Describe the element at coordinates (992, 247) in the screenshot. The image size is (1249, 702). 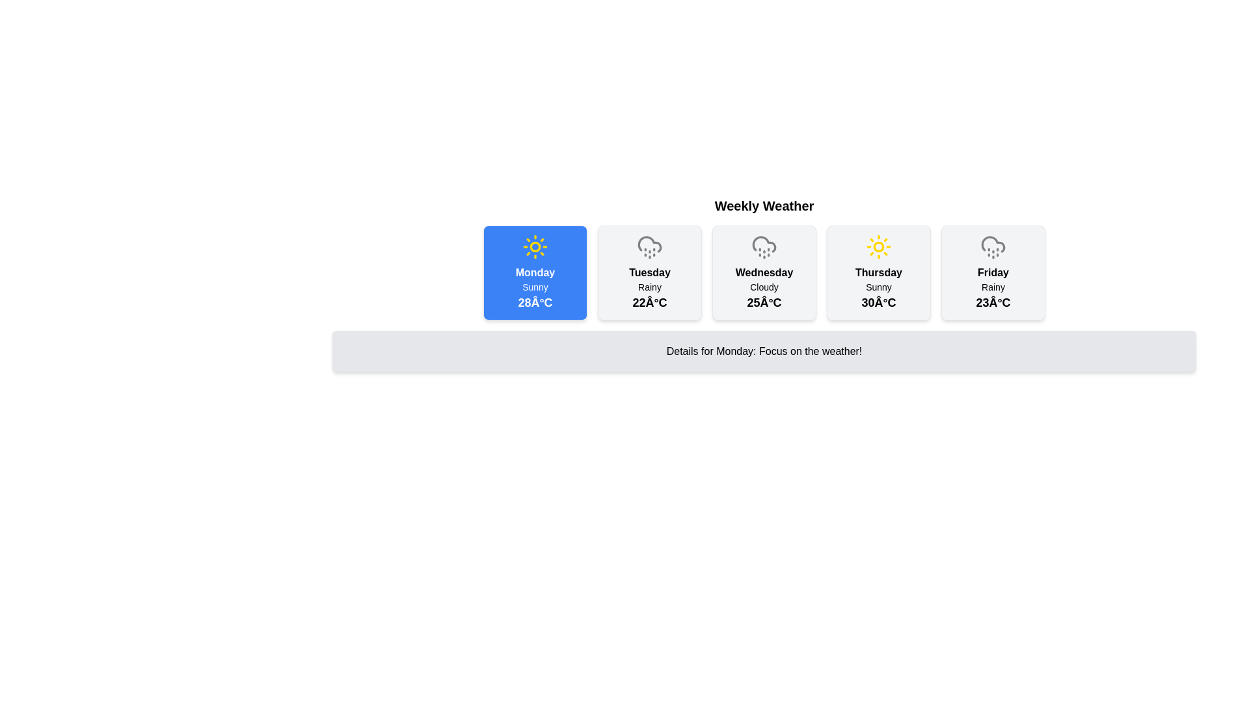
I see `the cloud icon with gray strokes, positioned in the card labeled 'Friday Rainy 23°C', located at the upper central area of the card` at that location.